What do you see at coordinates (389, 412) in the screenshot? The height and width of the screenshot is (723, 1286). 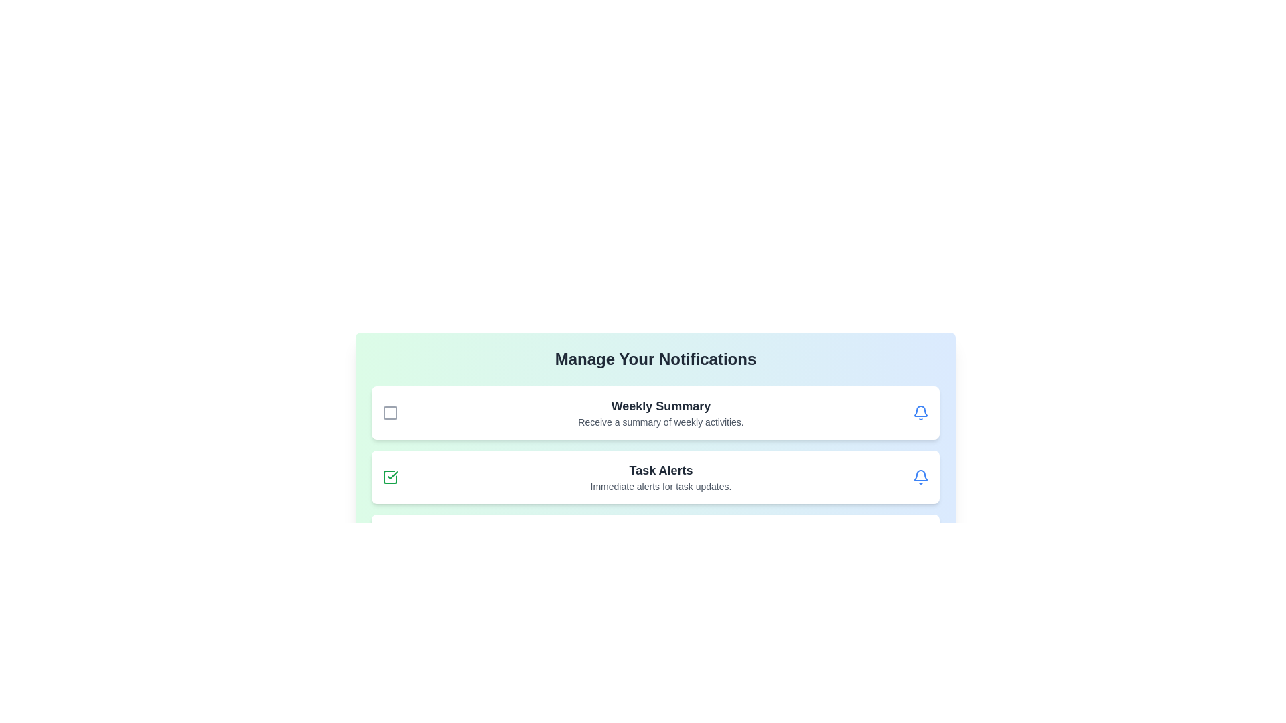 I see `the checkbox located to the top-left of the 'Weekly Summary' text in the notification card interface` at bounding box center [389, 412].